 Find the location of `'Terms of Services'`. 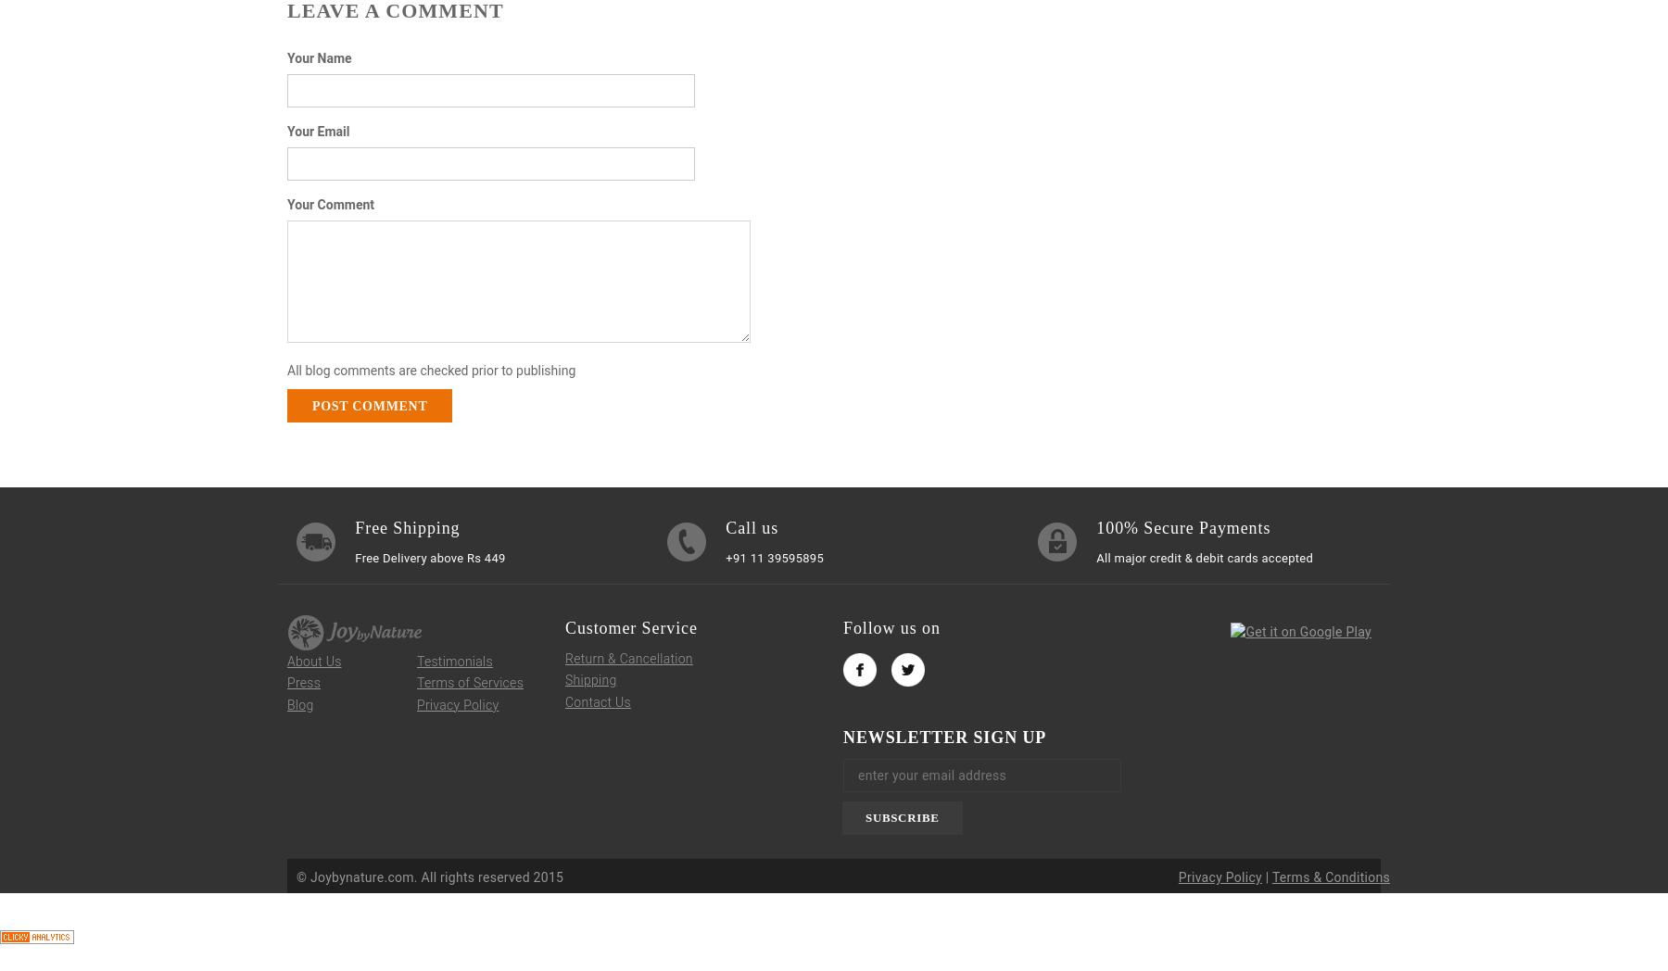

'Terms of Services' is located at coordinates (469, 681).